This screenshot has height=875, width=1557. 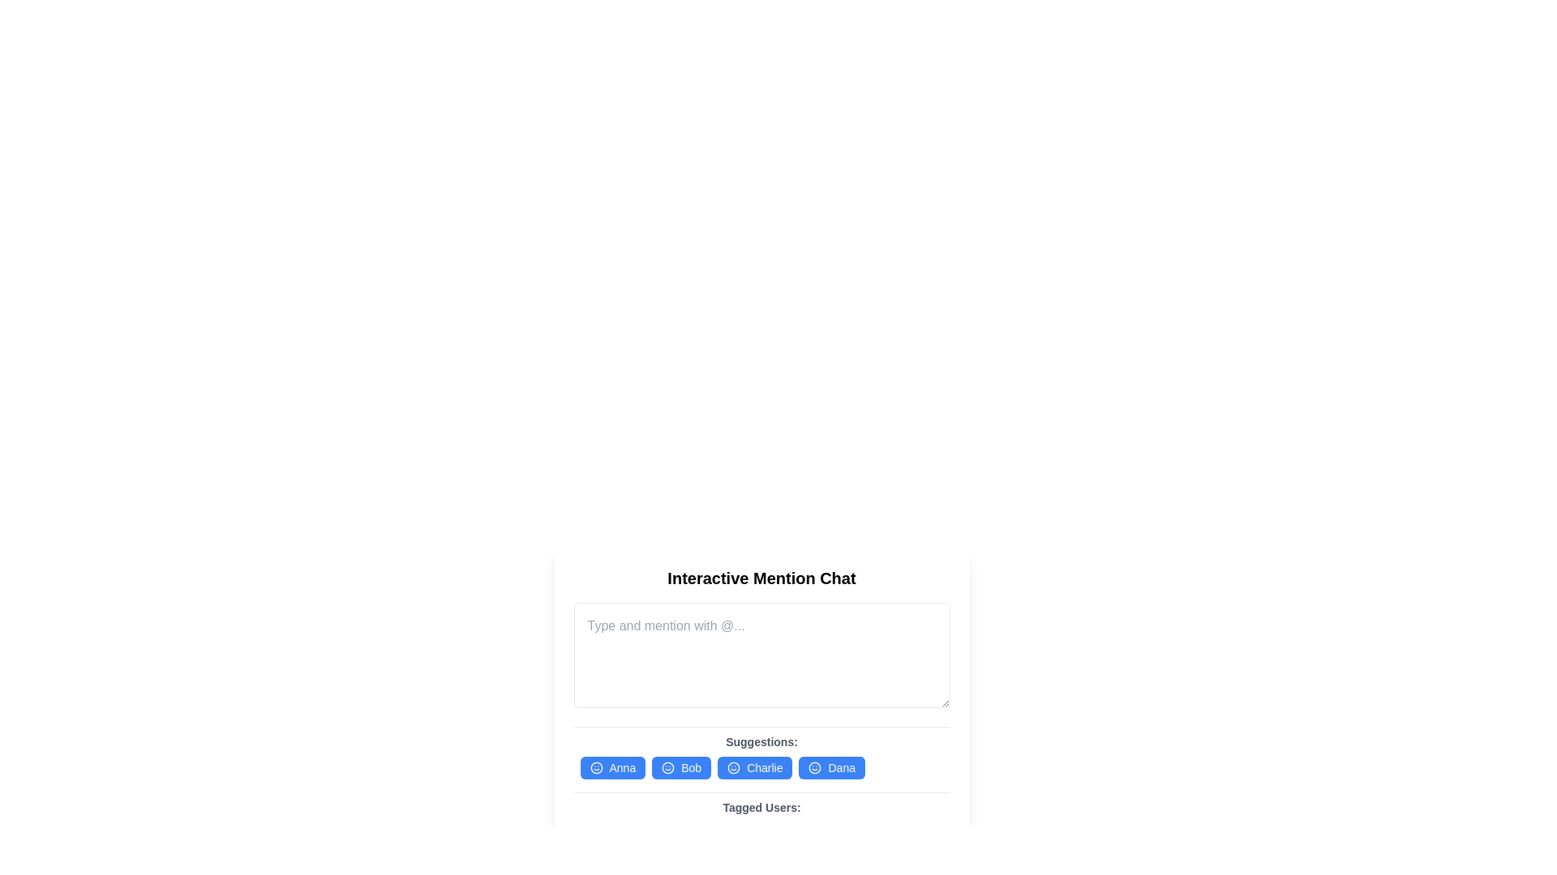 I want to click on the SVG graphic icon representing a simplified smiling face, which is part of the button labeled 'Bob' in the 'Suggestions' section, located to the left of the text 'Bob', so click(x=668, y=767).